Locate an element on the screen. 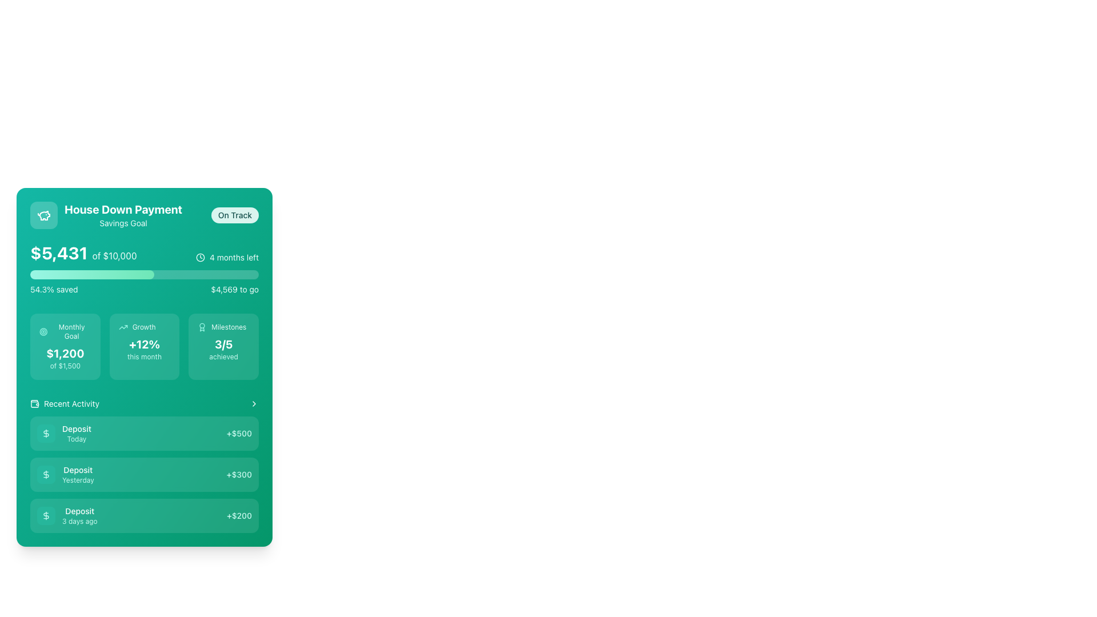  the financial transaction icon representing a deposit in the 'Recent Activity' section for visual context is located at coordinates (46, 474).